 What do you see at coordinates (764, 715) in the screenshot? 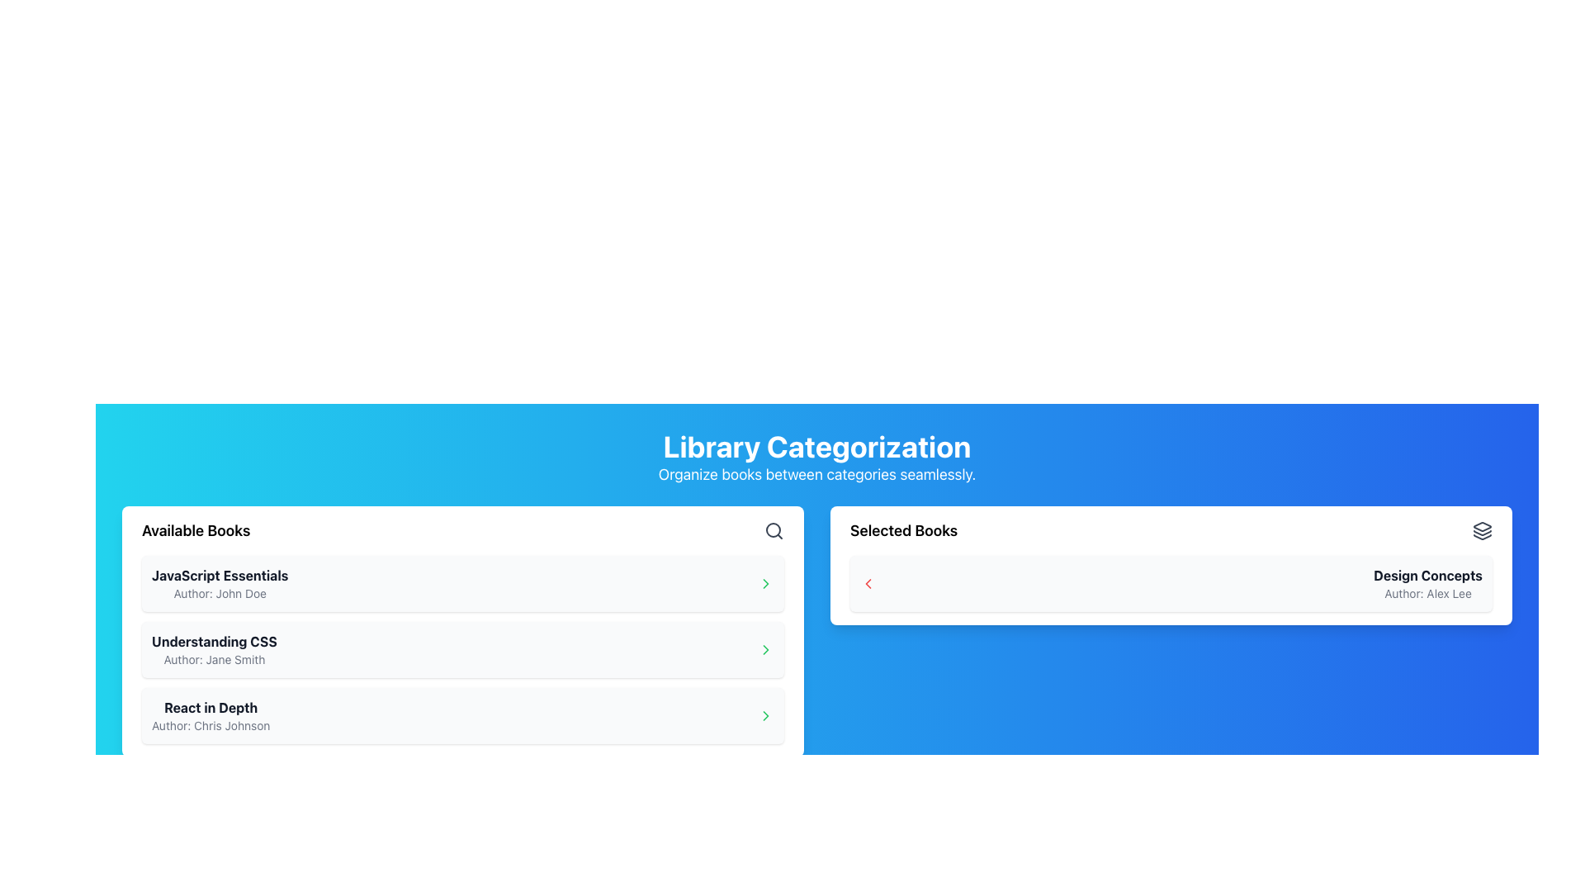
I see `the chevron icon button located at the bottom-right corner of the 'React in Depth' card in the 'Available Books' section` at bounding box center [764, 715].